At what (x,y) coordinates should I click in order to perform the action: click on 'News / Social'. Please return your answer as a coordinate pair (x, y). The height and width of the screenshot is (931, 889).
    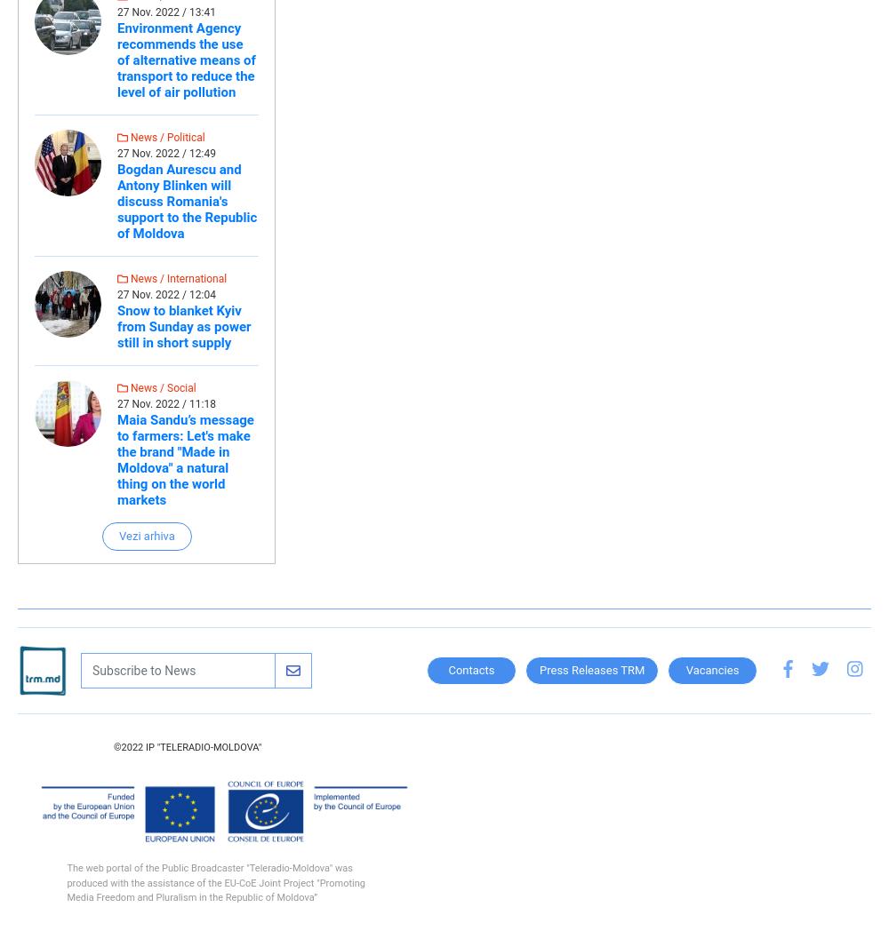
    Looking at the image, I should click on (162, 387).